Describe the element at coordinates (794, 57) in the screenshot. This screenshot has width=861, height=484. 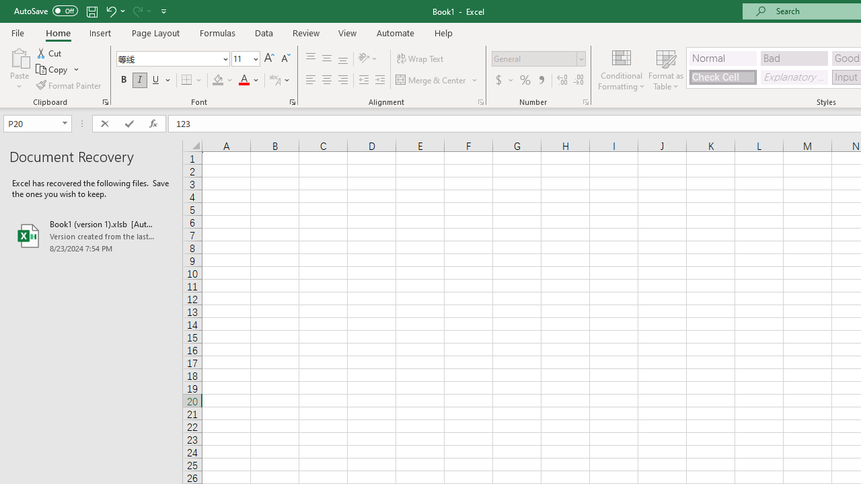
I see `'Bad'` at that location.